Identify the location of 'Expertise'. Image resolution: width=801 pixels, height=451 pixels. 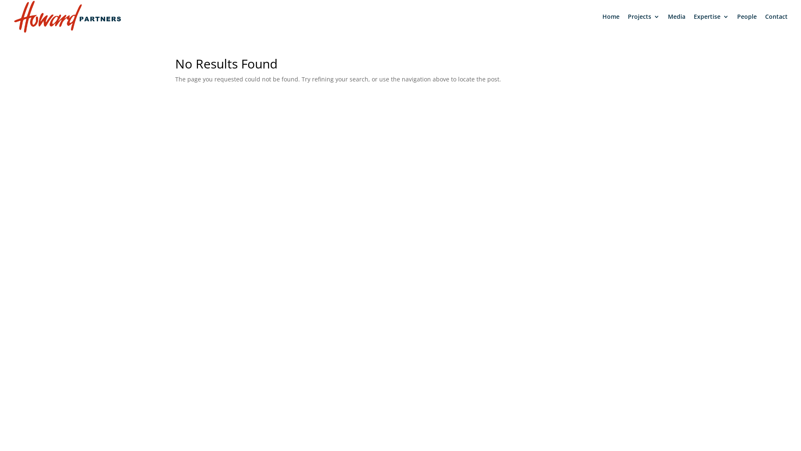
(710, 23).